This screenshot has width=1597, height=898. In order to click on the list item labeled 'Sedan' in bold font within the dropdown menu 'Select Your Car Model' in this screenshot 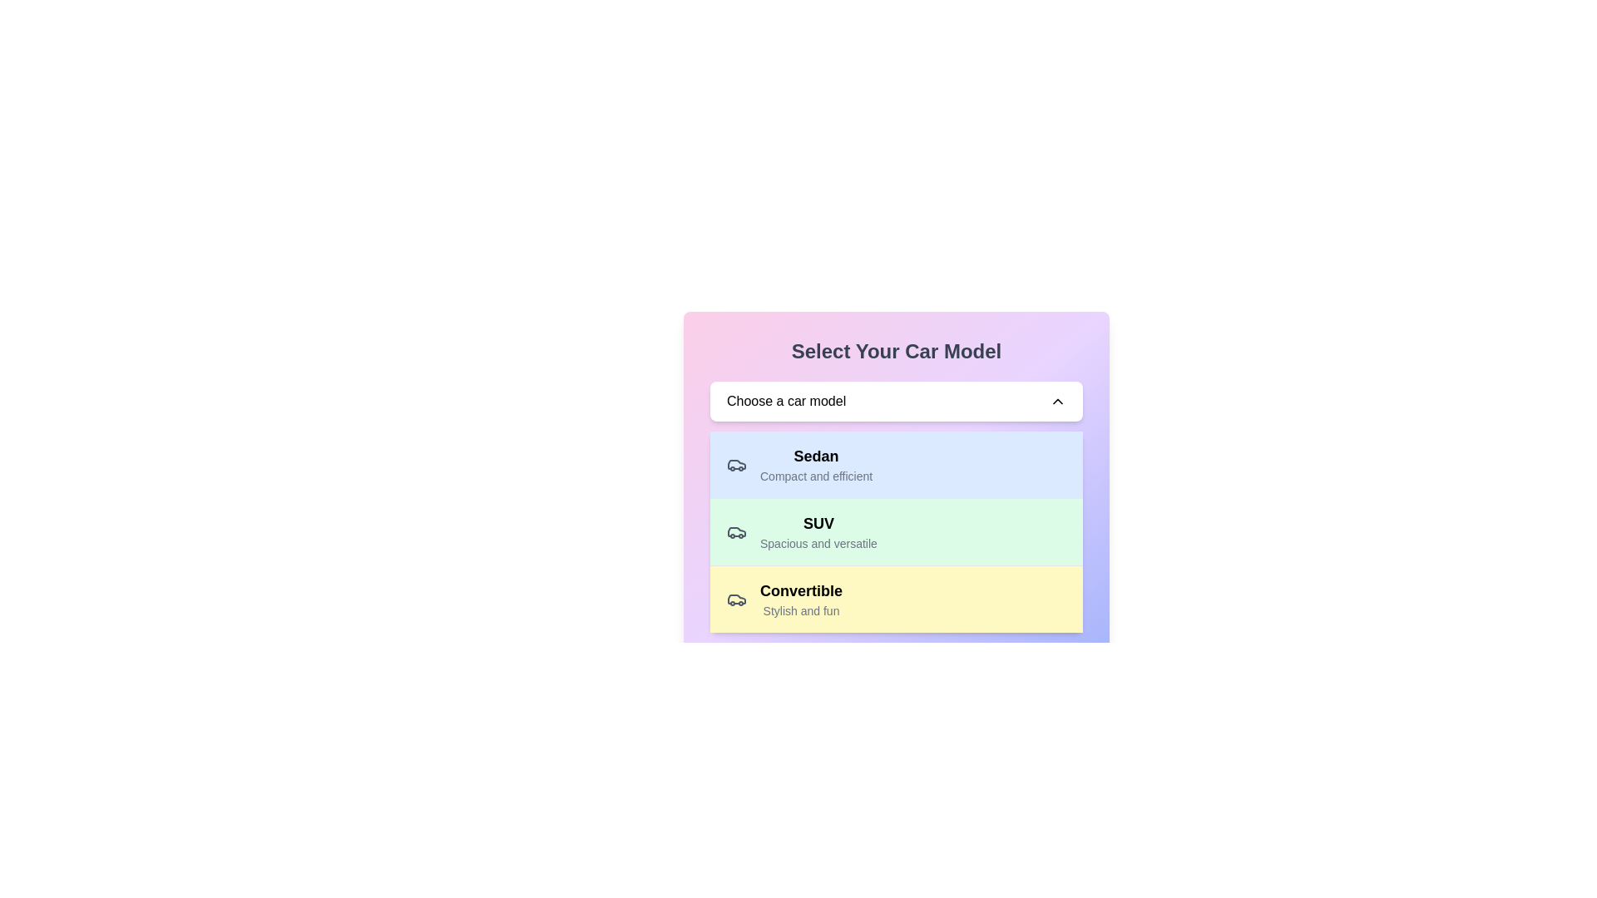, I will do `click(816, 465)`.